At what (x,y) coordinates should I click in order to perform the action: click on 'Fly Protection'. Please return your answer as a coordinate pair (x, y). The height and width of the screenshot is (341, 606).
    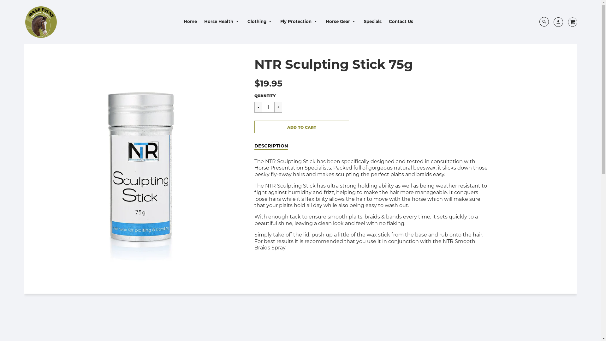
    Looking at the image, I should click on (299, 21).